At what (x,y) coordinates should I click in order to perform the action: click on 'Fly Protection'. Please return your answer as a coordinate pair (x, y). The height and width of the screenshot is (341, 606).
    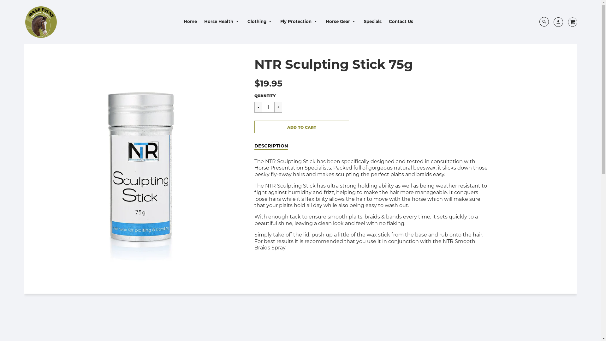
    Looking at the image, I should click on (299, 21).